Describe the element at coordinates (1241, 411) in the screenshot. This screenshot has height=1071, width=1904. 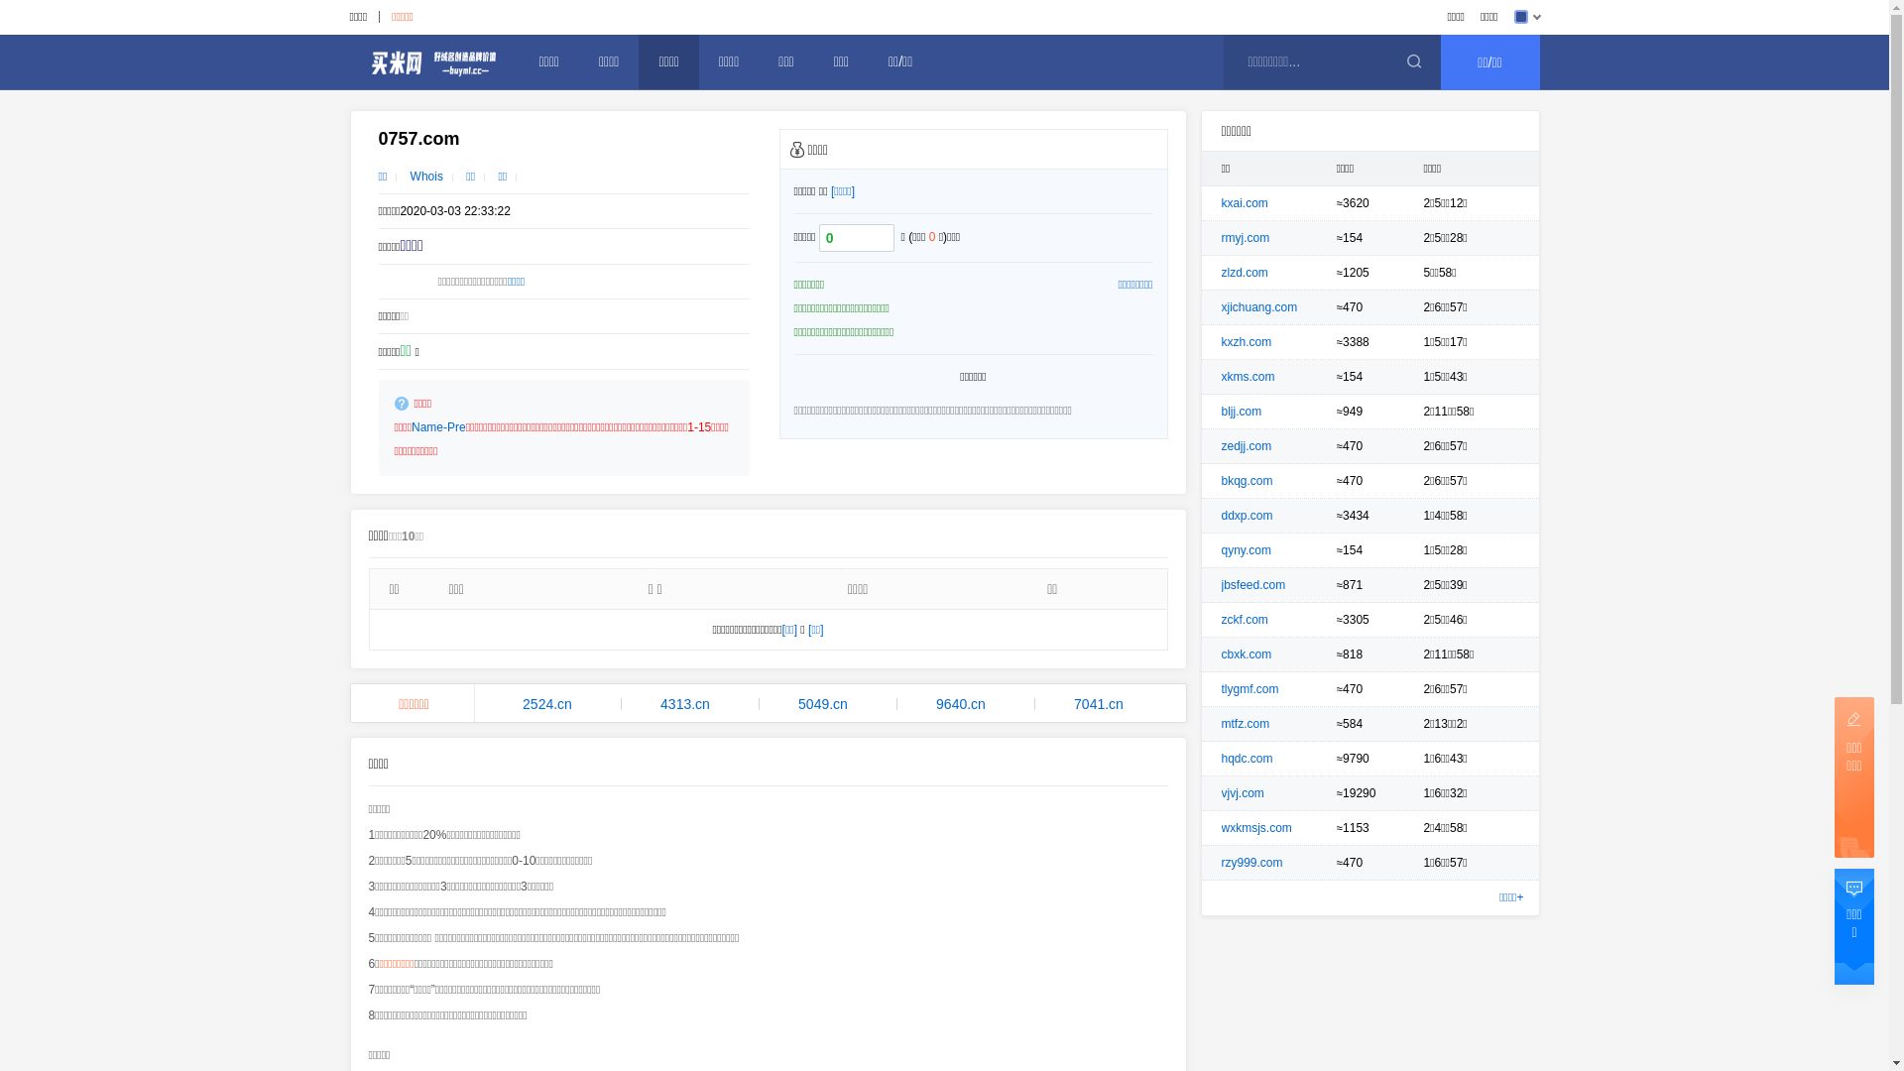
I see `'bljj.com'` at that location.